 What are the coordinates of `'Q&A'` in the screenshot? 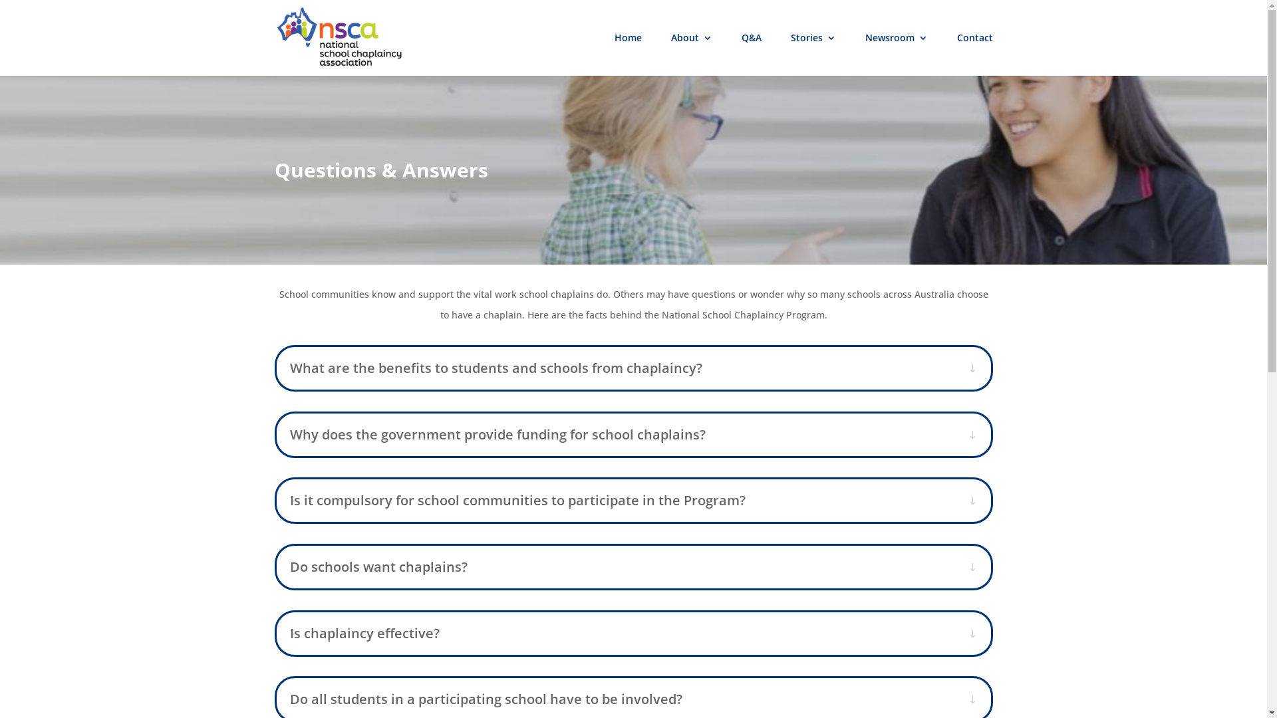 It's located at (750, 53).